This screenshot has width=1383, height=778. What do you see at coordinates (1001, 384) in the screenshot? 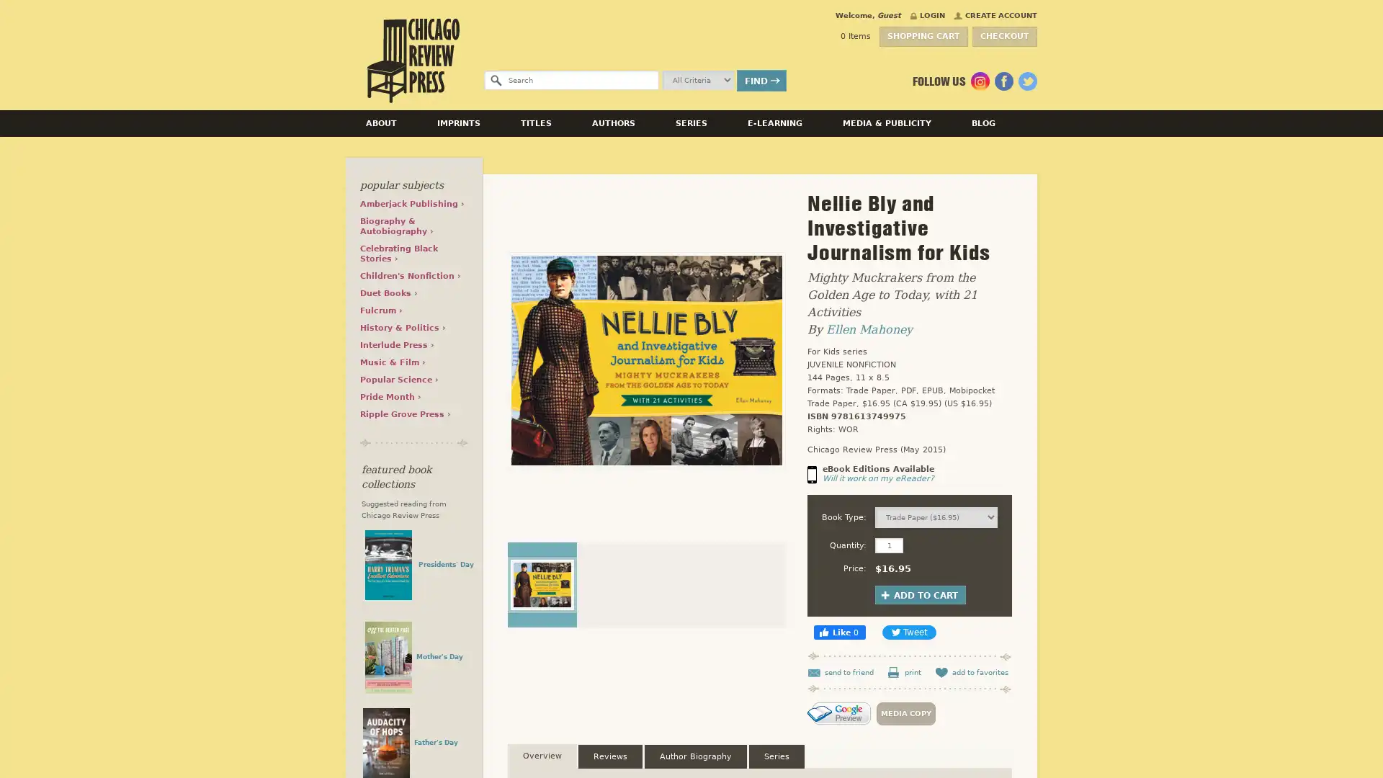
I see `Subscribe` at bounding box center [1001, 384].